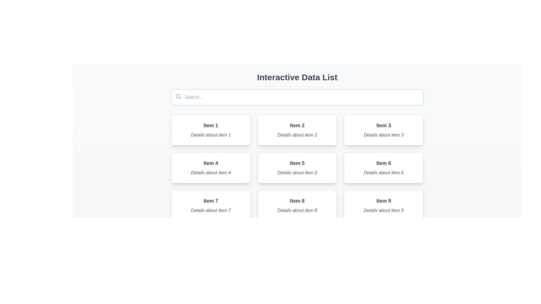 This screenshot has height=304, width=541. What do you see at coordinates (383, 172) in the screenshot?
I see `italic gray text 'Details about item 6' located below the 'Item 6' text in the white card component` at bounding box center [383, 172].